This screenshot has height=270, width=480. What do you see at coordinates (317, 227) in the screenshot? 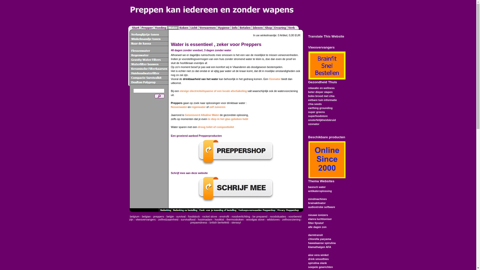
I see `'alle dagen zon'` at bounding box center [317, 227].